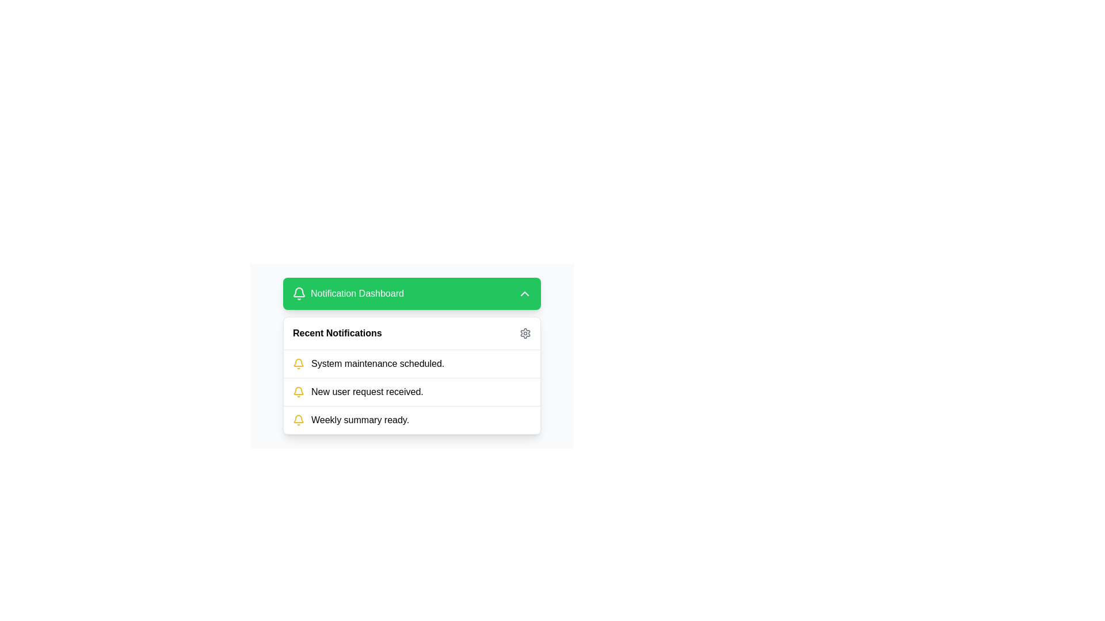  I want to click on the Text label displaying the notification message about the weekly summary, located in the bottom row under 'Recent Notifications', so click(360, 420).